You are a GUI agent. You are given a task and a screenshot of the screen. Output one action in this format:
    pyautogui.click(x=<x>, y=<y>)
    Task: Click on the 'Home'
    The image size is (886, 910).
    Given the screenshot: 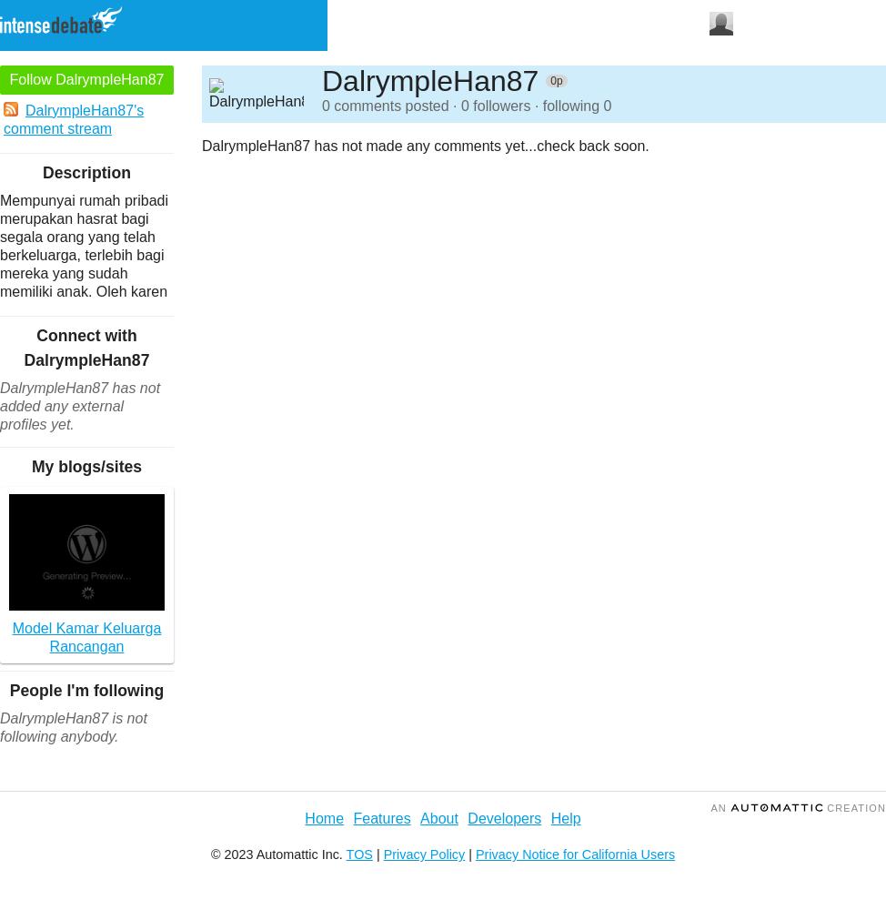 What is the action you would take?
    pyautogui.click(x=324, y=817)
    